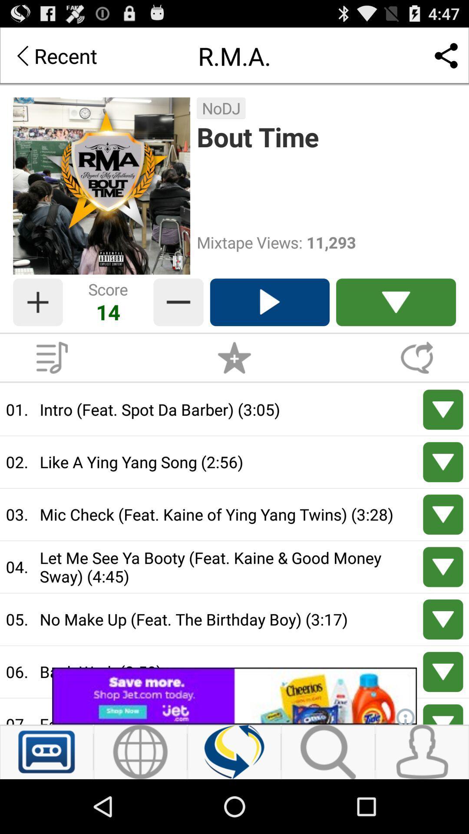 This screenshot has height=834, width=469. Describe the element at coordinates (269, 323) in the screenshot. I see `the play icon` at that location.